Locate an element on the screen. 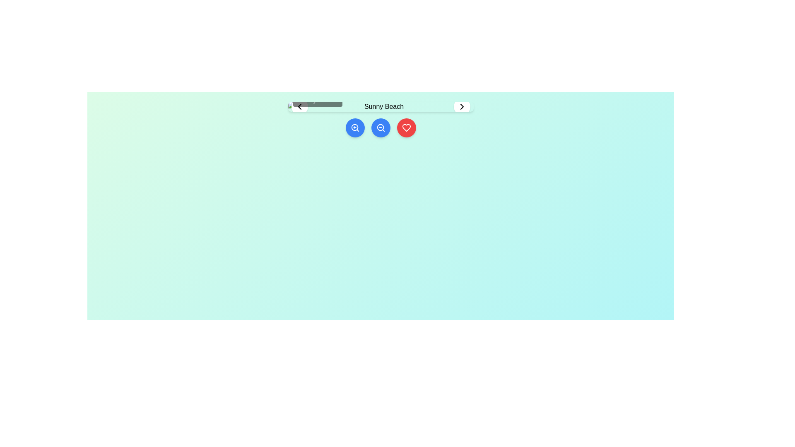  the red heart button located furthest right among three buttons below the 'Sunny Beach' label is located at coordinates (406, 127).